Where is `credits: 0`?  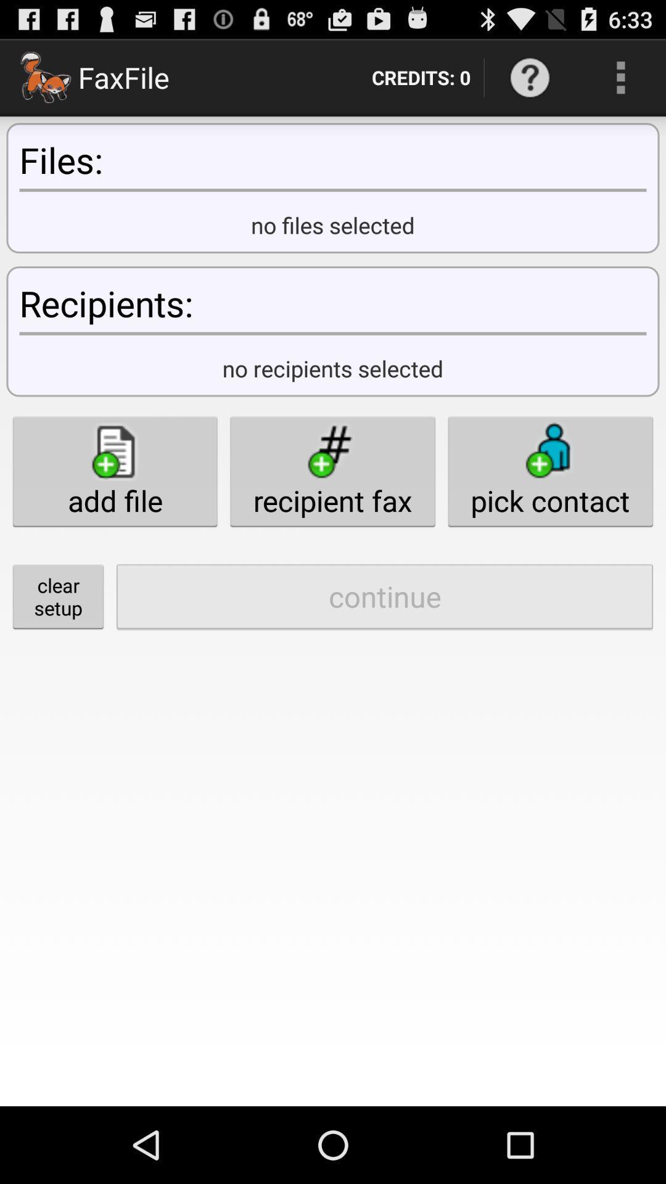 credits: 0 is located at coordinates (421, 76).